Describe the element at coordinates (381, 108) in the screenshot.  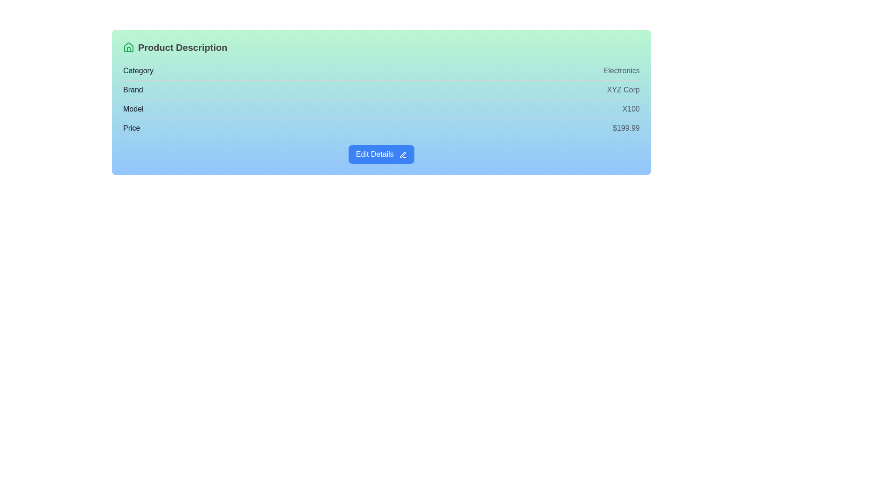
I see `the value 'X100' from the text display labeled 'Model'` at that location.